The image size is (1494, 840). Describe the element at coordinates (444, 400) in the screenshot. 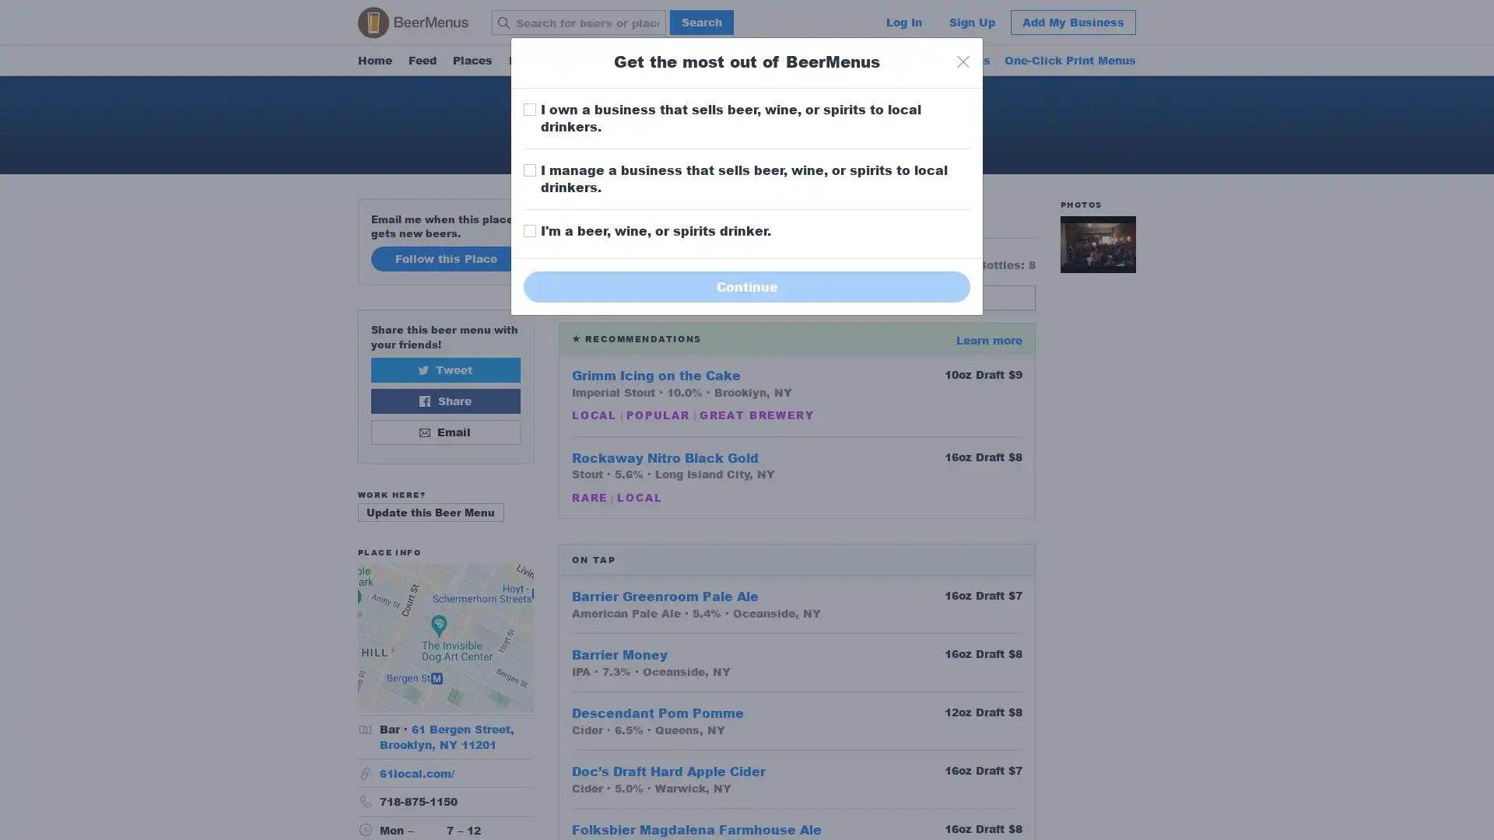

I see `Share` at that location.